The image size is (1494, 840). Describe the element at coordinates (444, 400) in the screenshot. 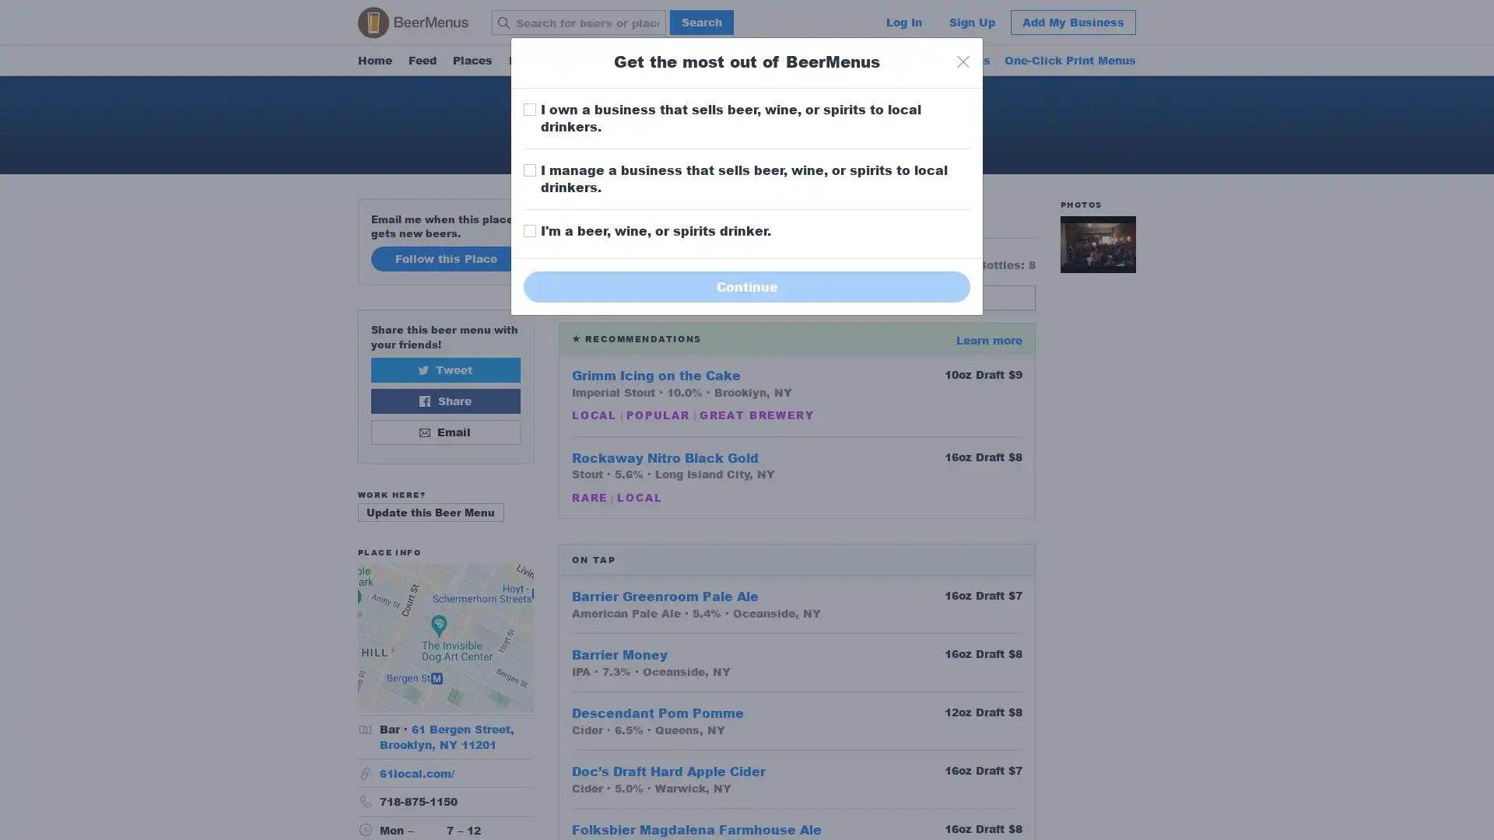

I see `Share` at that location.